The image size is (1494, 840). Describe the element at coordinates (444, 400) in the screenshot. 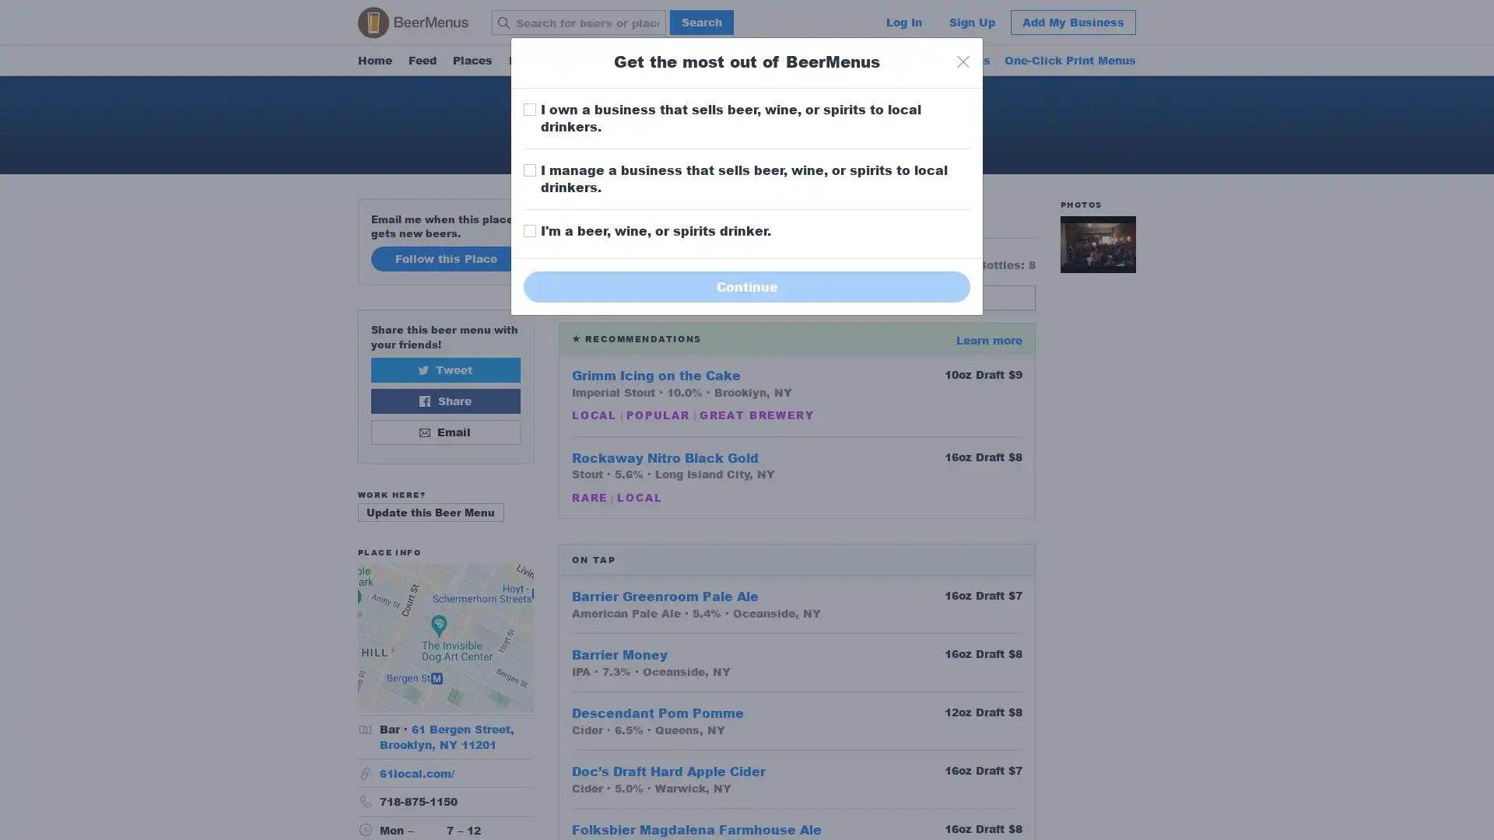

I see `Share` at that location.